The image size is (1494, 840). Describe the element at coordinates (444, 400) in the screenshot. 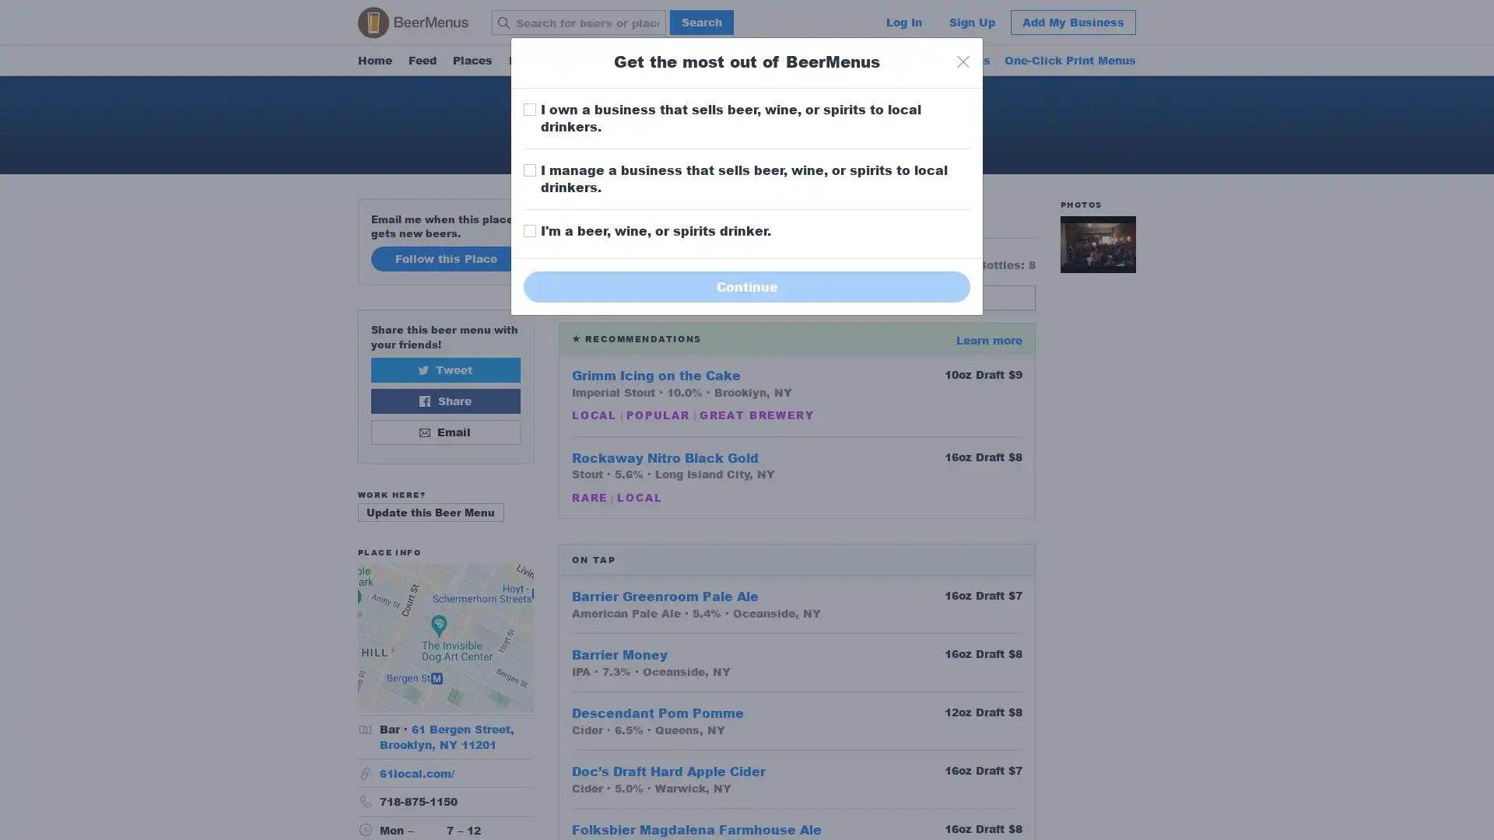

I see `Share` at that location.